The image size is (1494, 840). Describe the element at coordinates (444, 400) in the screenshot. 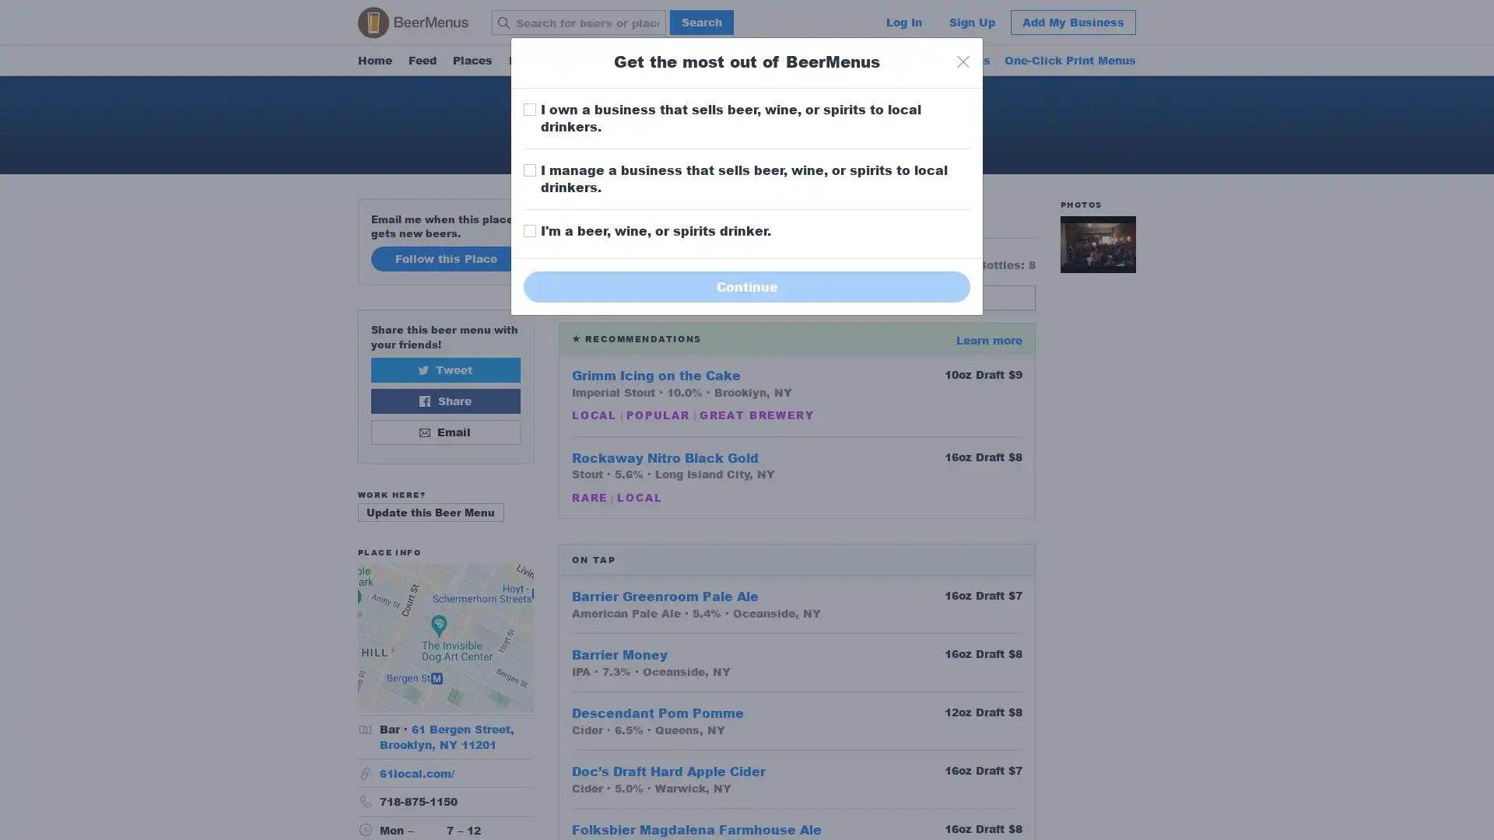

I see `Share` at that location.